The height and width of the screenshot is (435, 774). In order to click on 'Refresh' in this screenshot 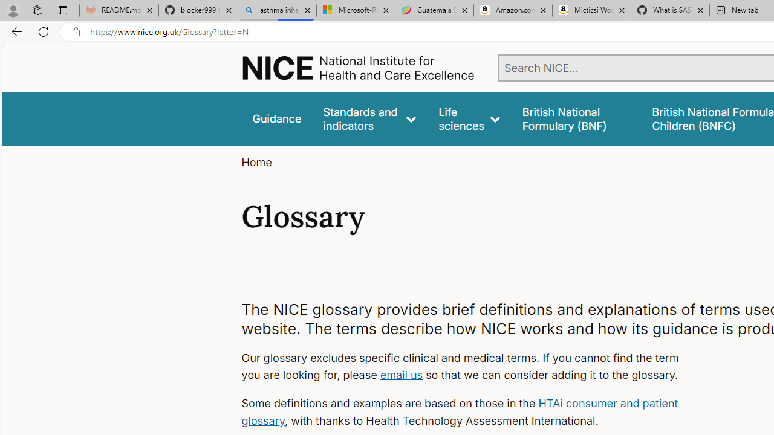, I will do `click(44, 31)`.